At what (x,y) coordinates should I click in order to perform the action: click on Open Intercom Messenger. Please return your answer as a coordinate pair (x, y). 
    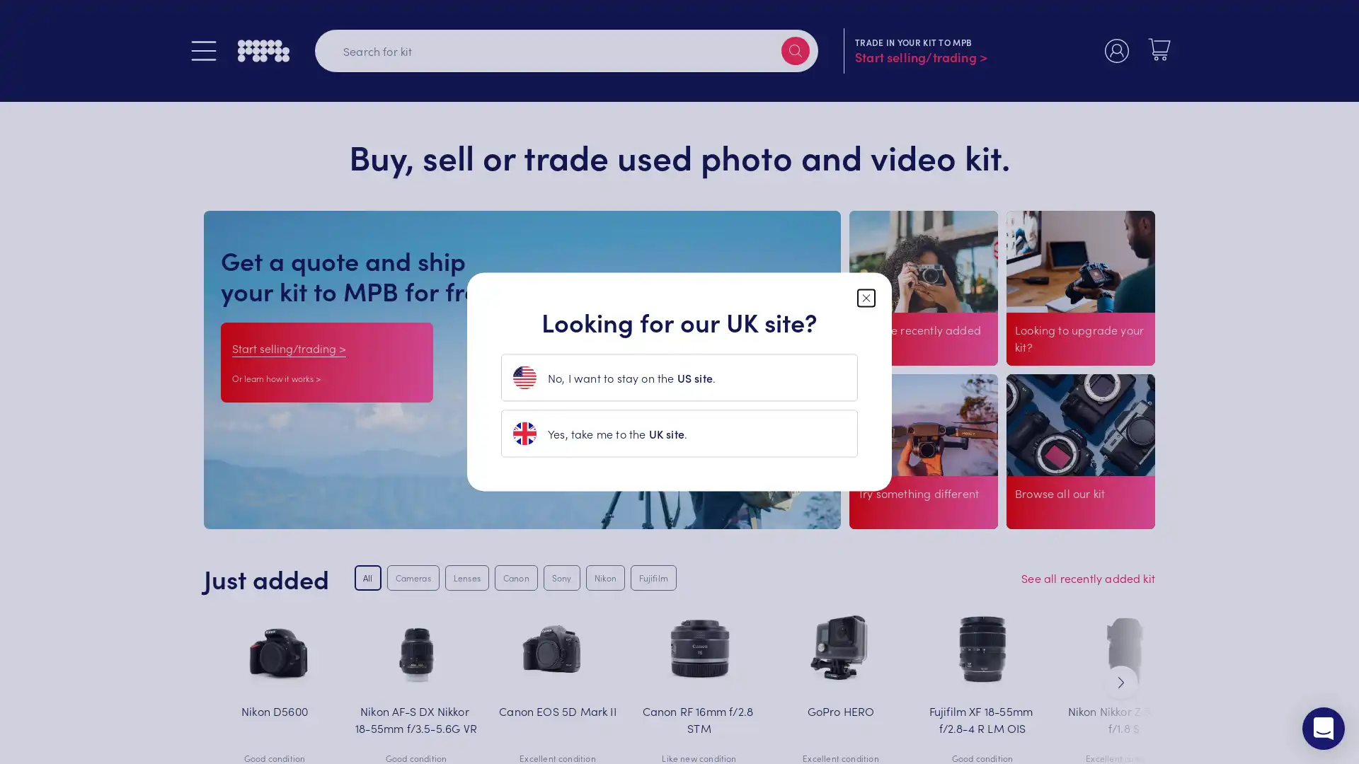
    Looking at the image, I should click on (1323, 728).